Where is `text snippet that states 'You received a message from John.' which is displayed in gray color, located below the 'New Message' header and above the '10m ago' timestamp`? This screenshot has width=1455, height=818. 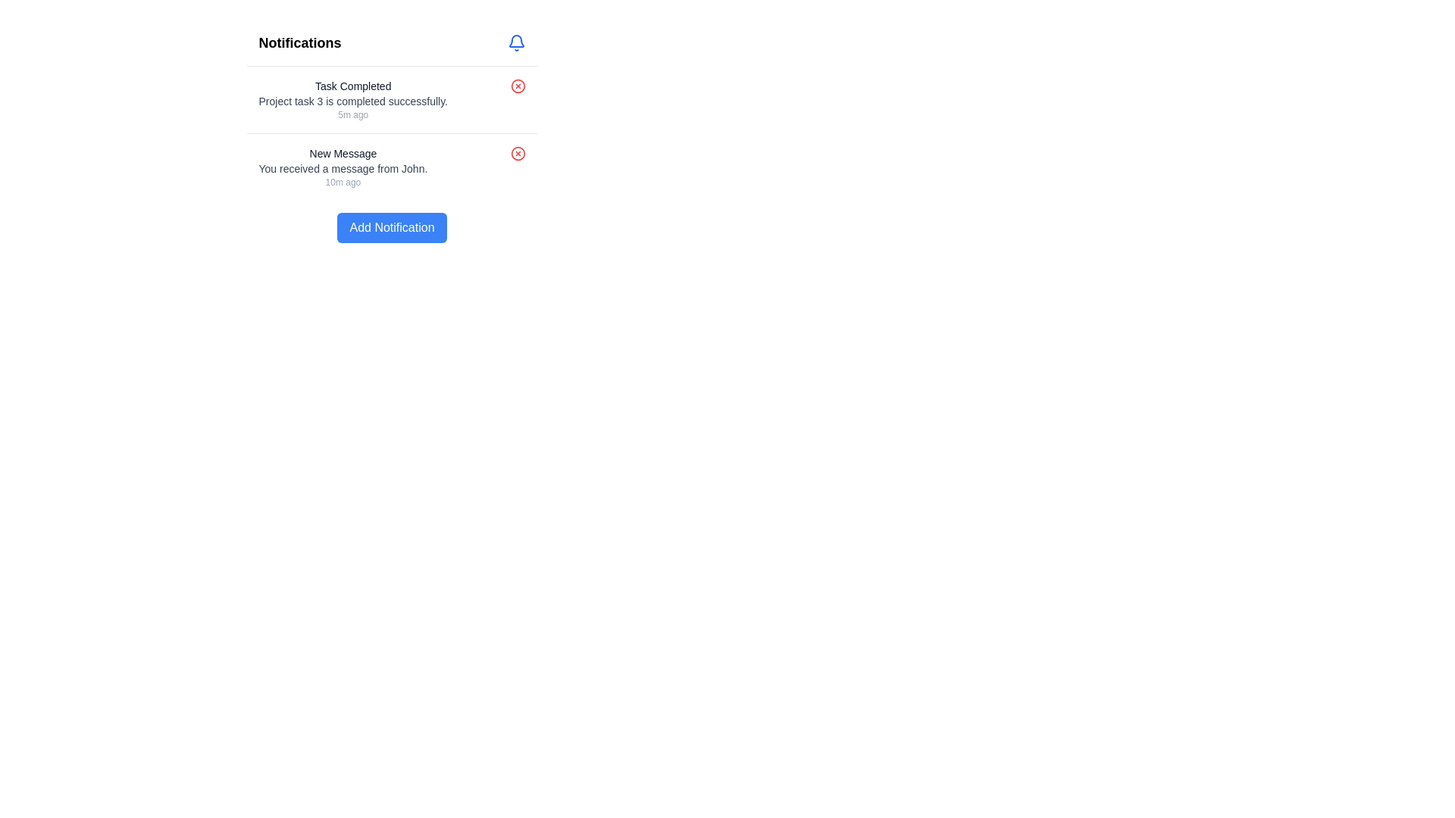 text snippet that states 'You received a message from John.' which is displayed in gray color, located below the 'New Message' header and above the '10m ago' timestamp is located at coordinates (342, 169).